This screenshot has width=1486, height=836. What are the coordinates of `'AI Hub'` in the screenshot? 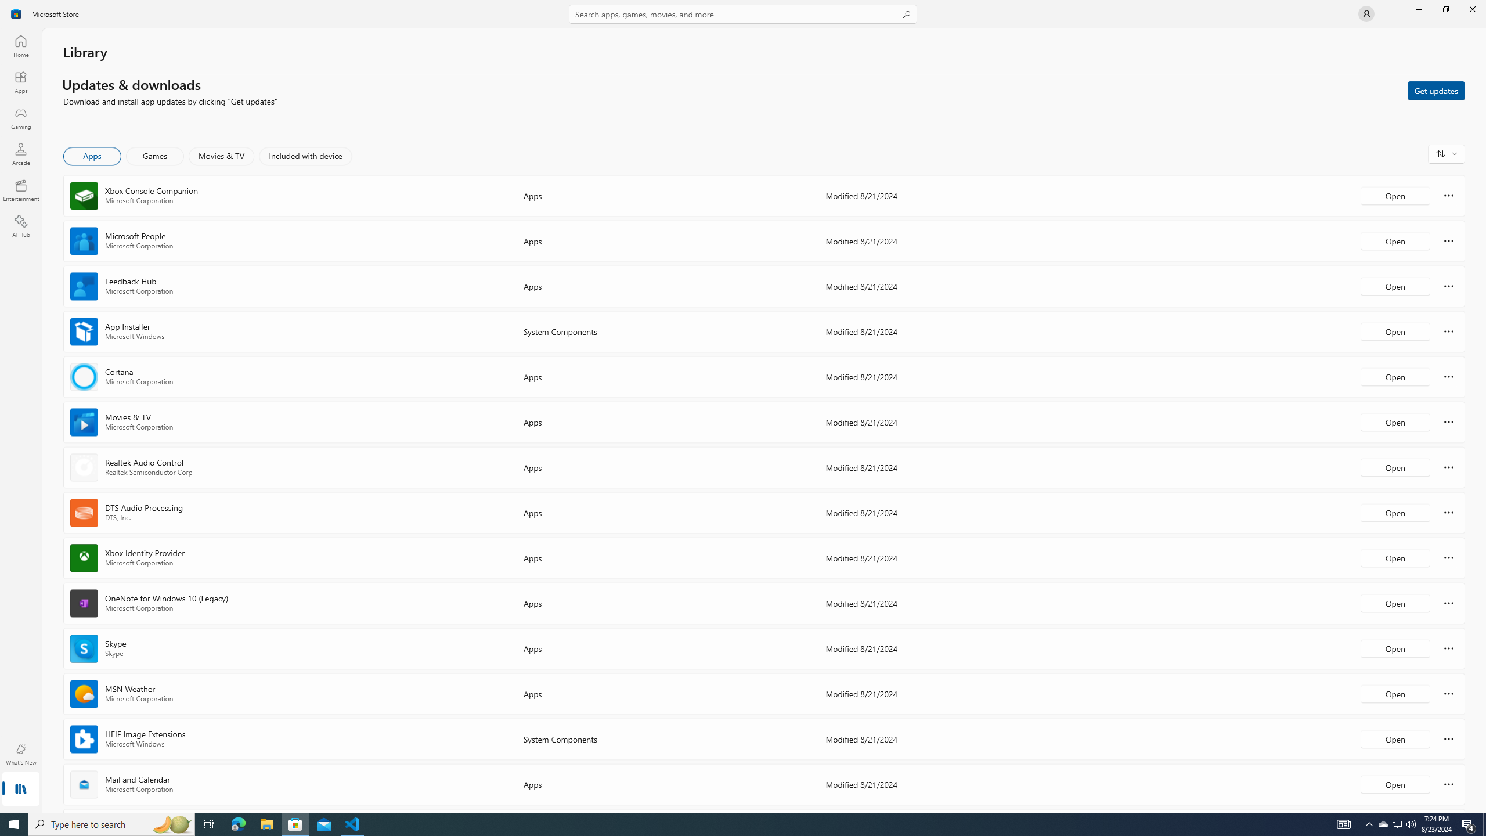 It's located at (20, 225).